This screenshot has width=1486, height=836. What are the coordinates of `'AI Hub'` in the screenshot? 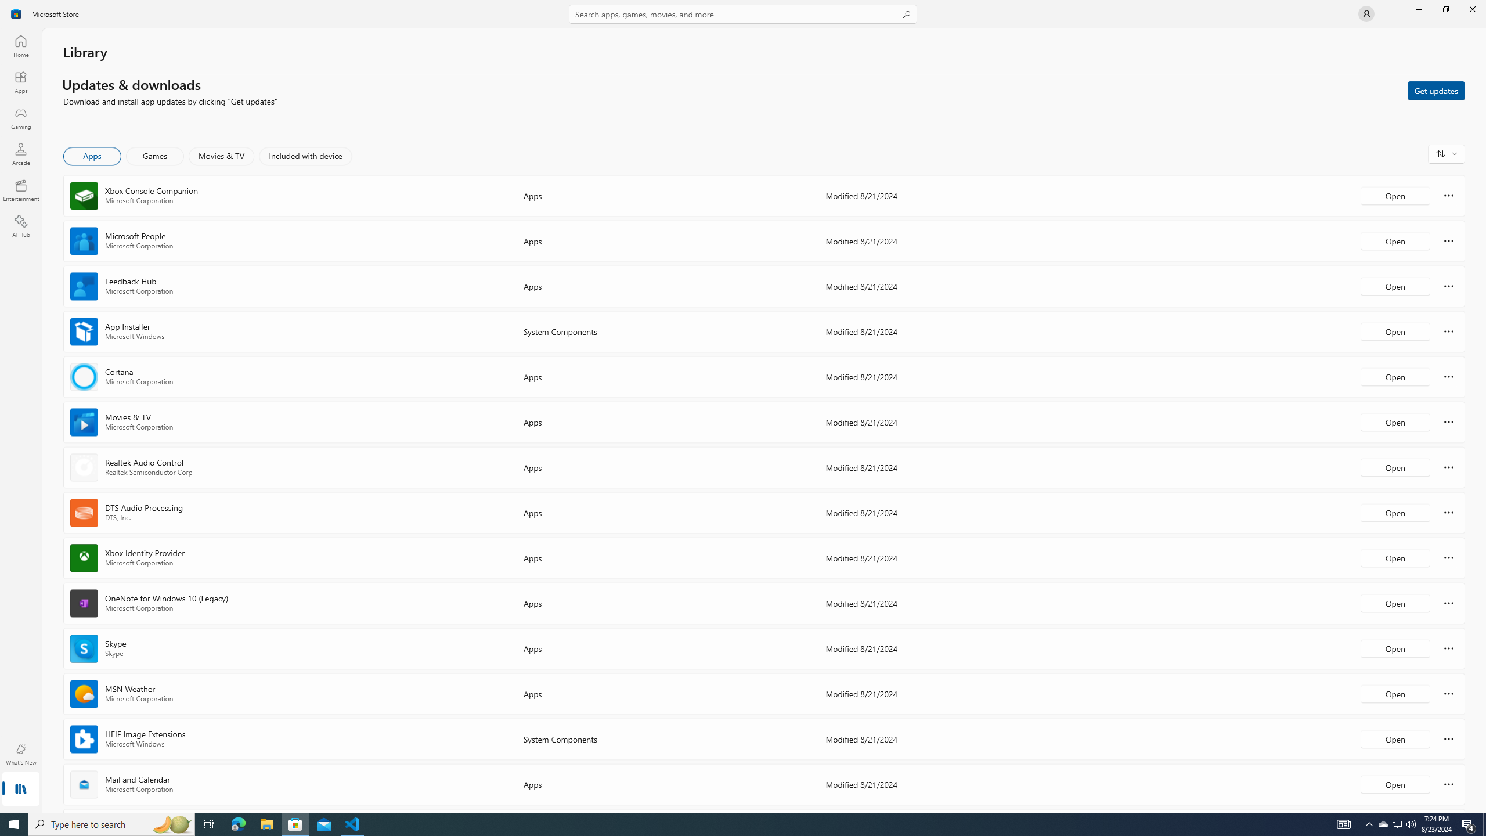 It's located at (20, 225).